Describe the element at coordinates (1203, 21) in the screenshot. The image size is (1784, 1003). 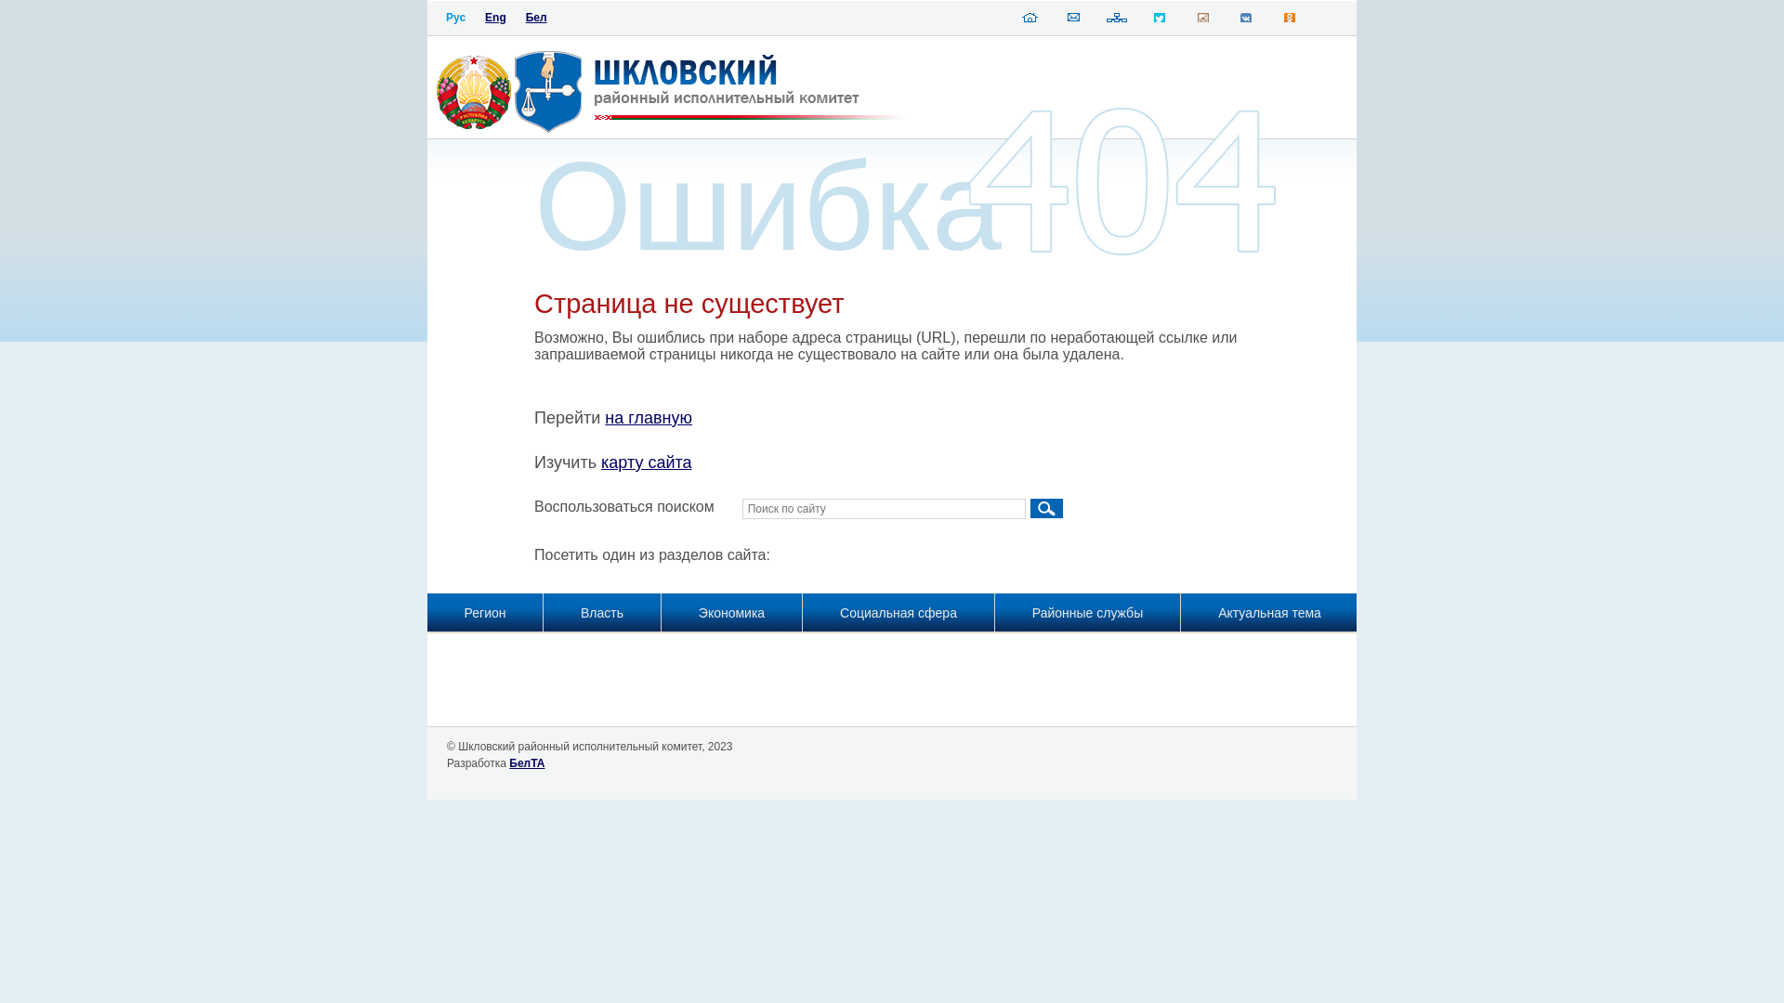
I see `'instagram'` at that location.